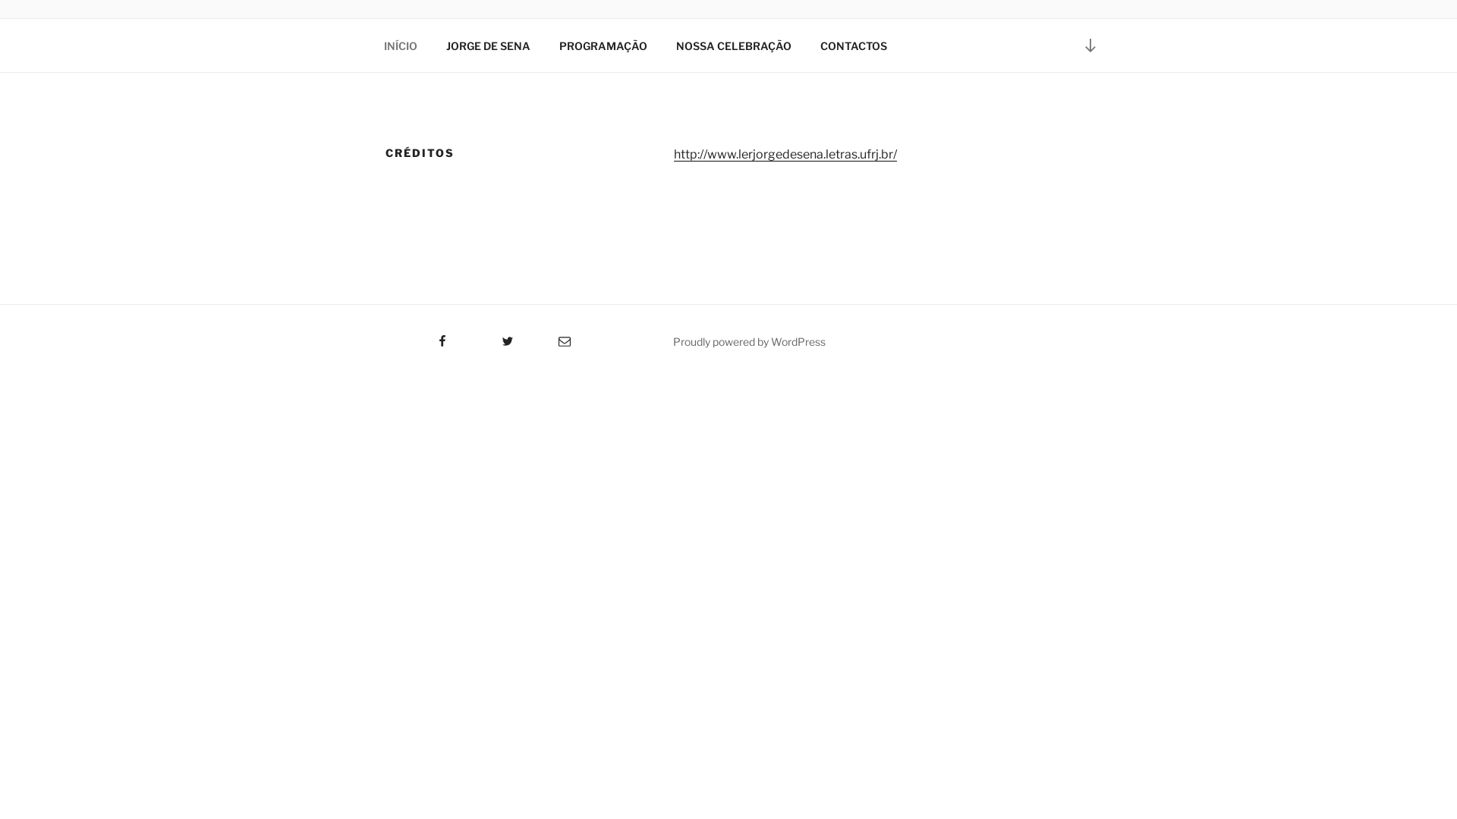 This screenshot has width=1457, height=819. I want to click on 'Facebook', so click(381, 335).